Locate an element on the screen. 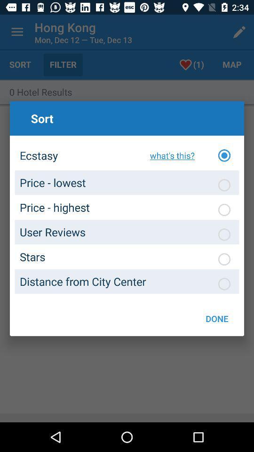 Image resolution: width=254 pixels, height=452 pixels. the option button is located at coordinates (223, 155).